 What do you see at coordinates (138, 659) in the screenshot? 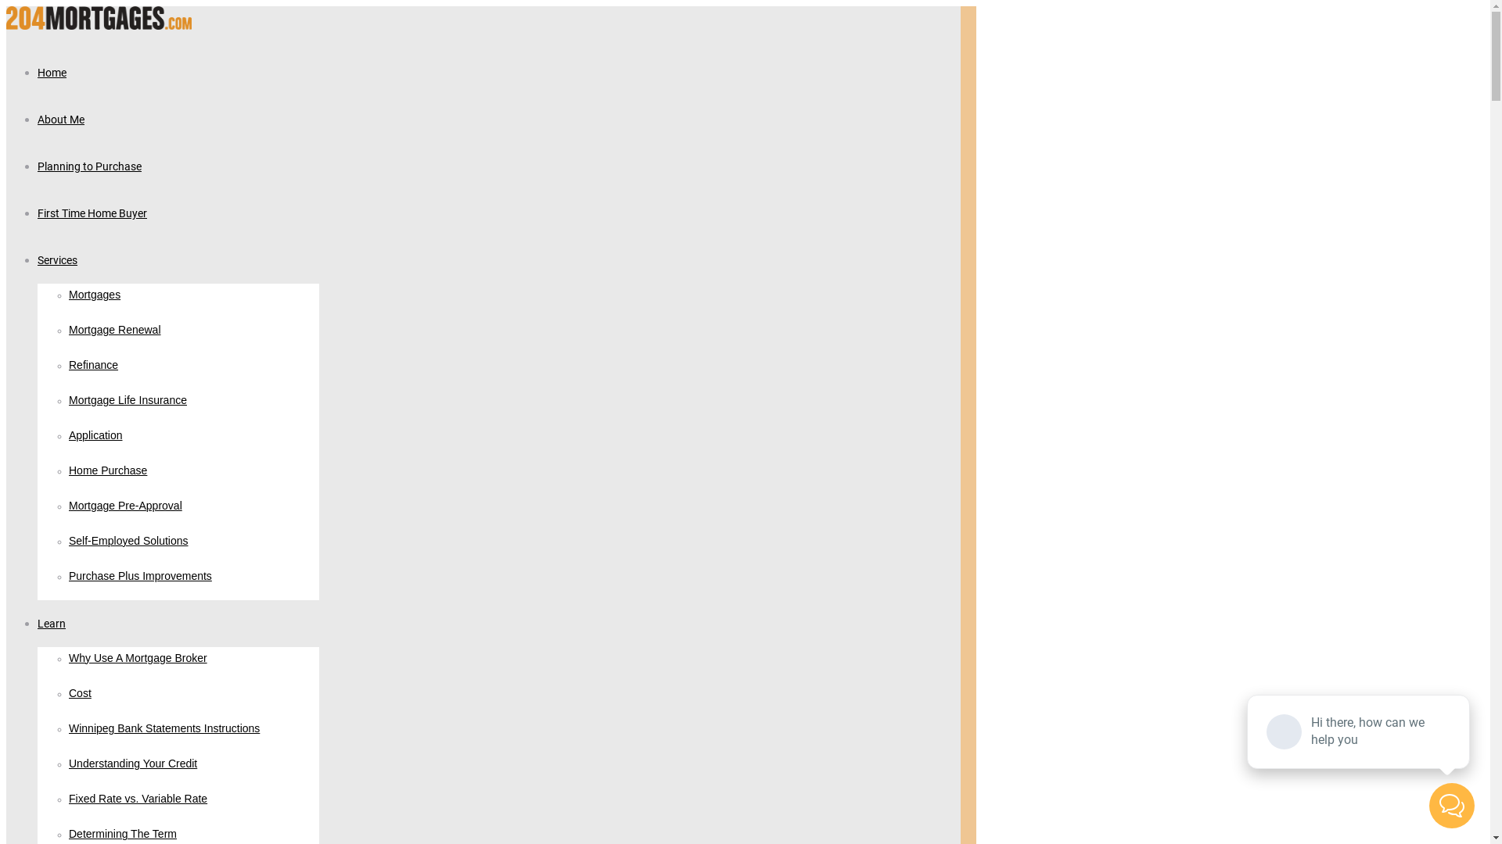
I see `'Why Use A Mortgage Broker'` at bounding box center [138, 659].